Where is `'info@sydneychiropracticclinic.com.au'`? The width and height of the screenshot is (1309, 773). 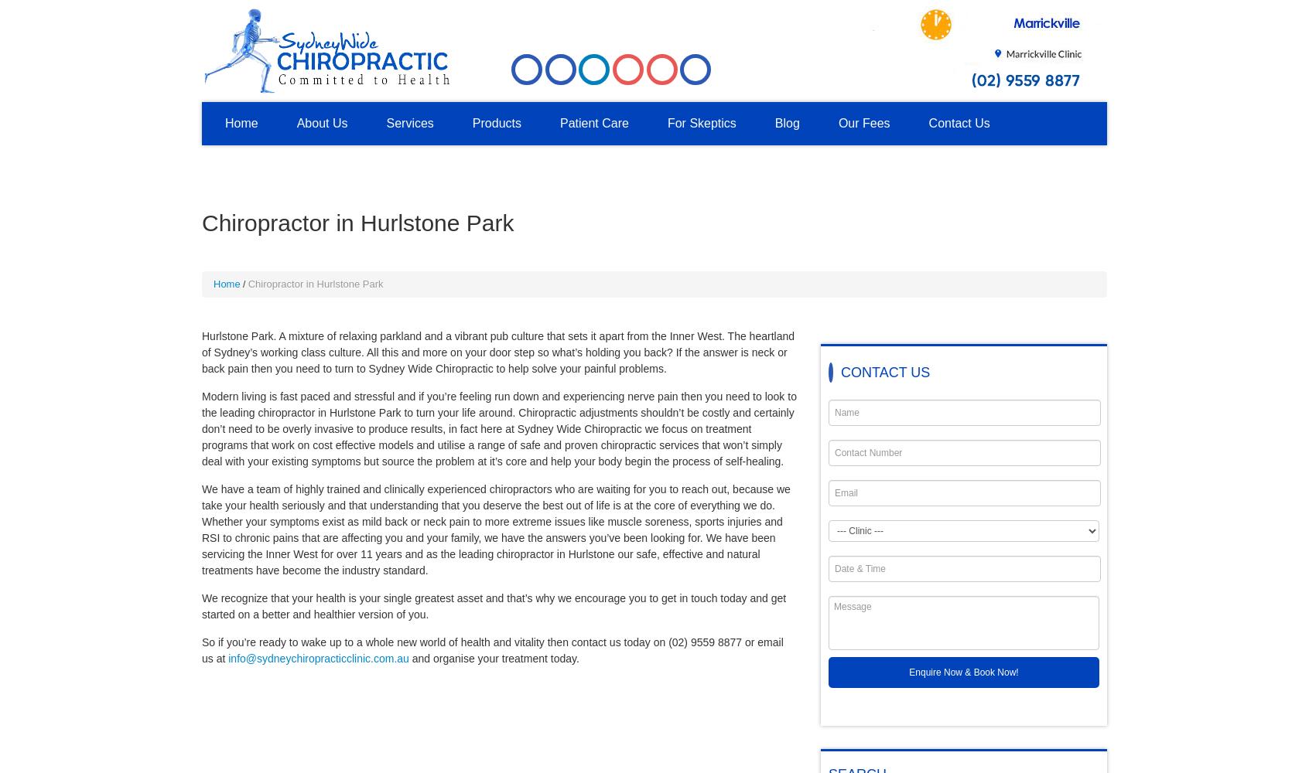
'info@sydneychiropracticclinic.com.au' is located at coordinates (318, 658).